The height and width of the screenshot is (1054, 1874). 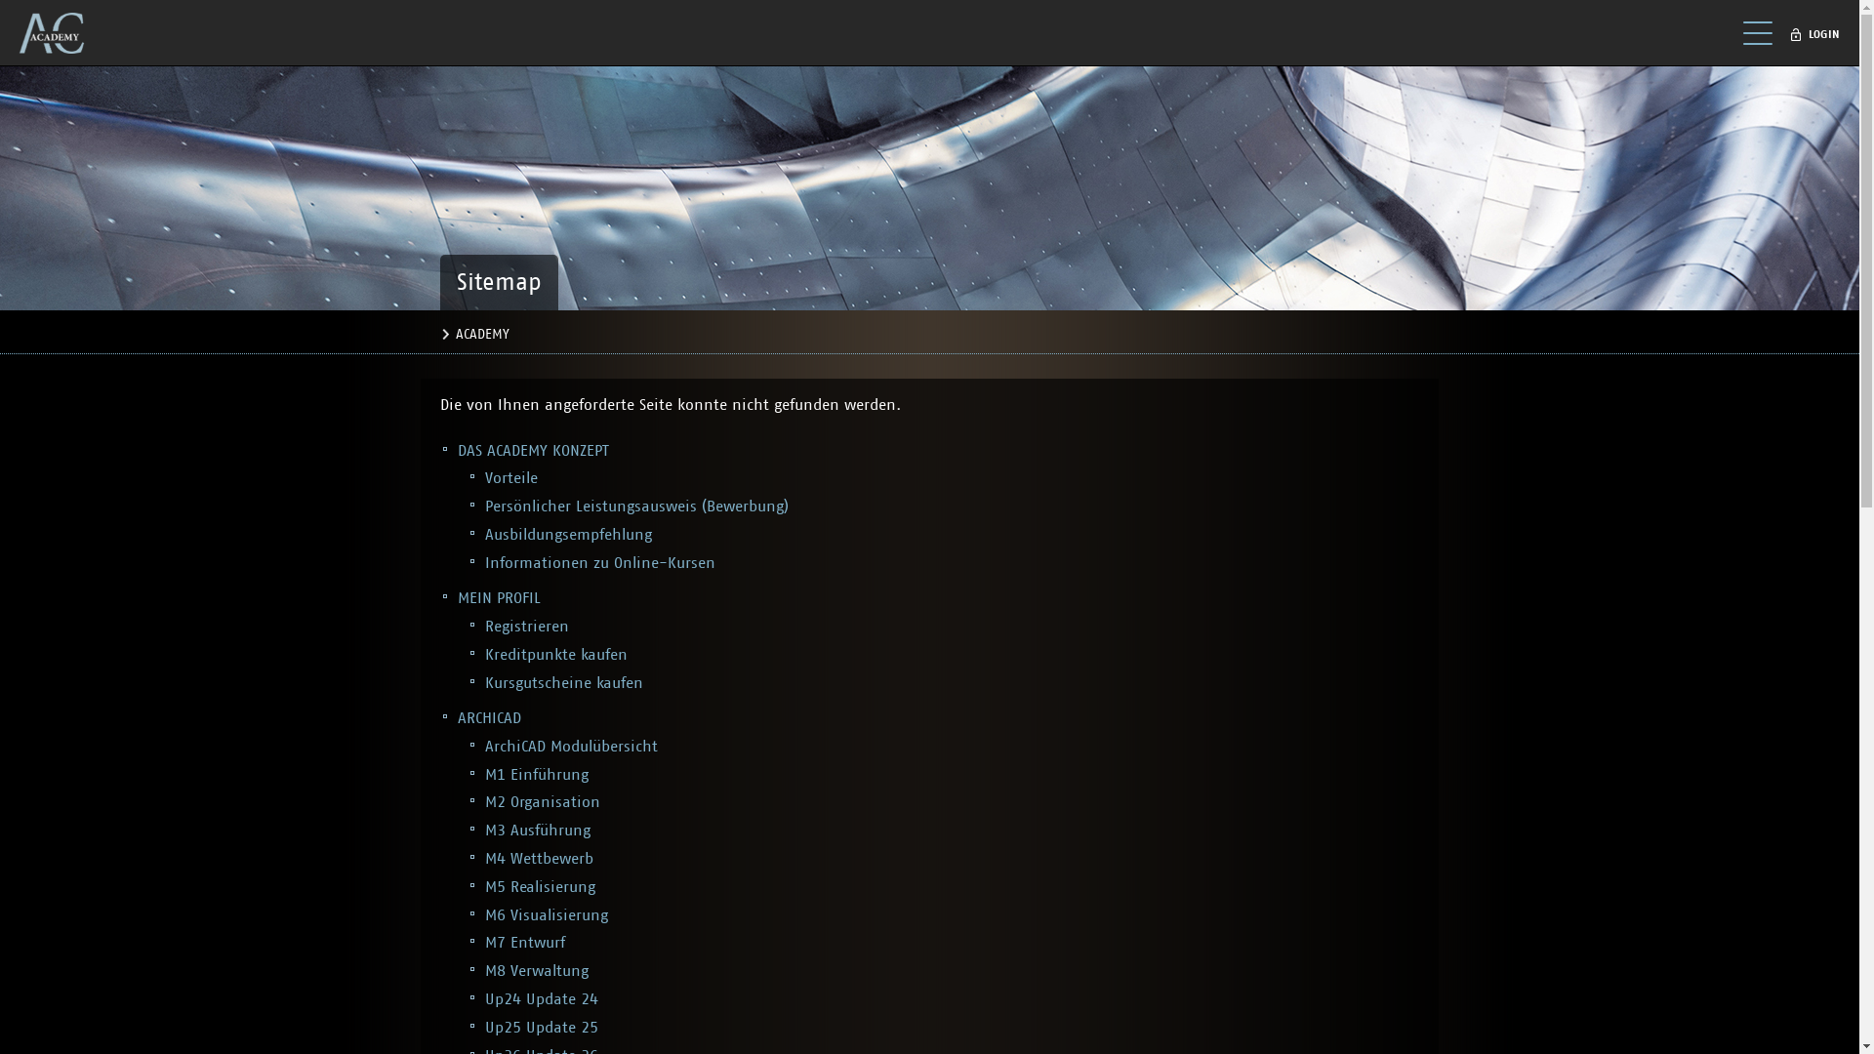 I want to click on 'M8 Verwaltung', so click(x=537, y=971).